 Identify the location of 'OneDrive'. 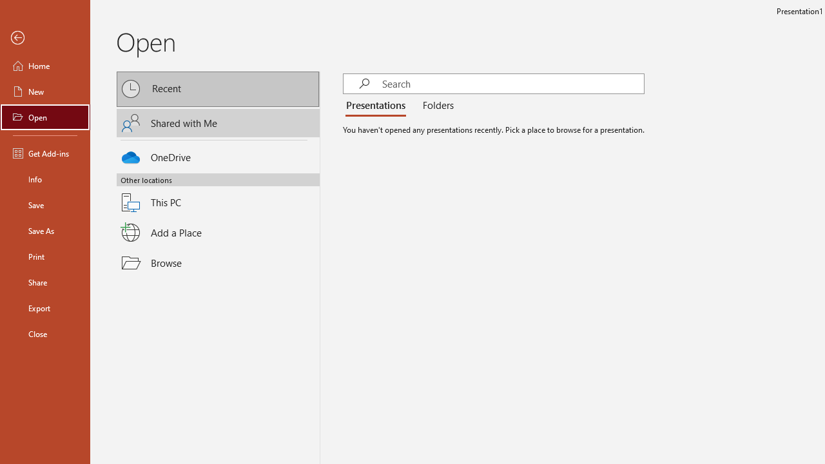
(218, 154).